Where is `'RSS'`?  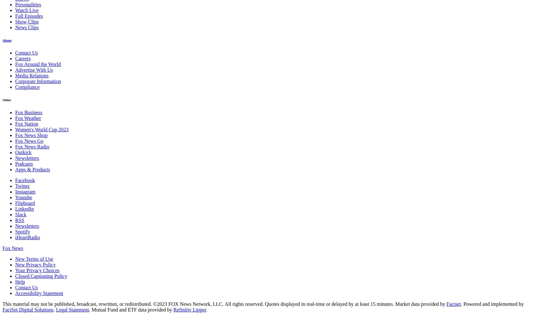 'RSS' is located at coordinates (19, 220).